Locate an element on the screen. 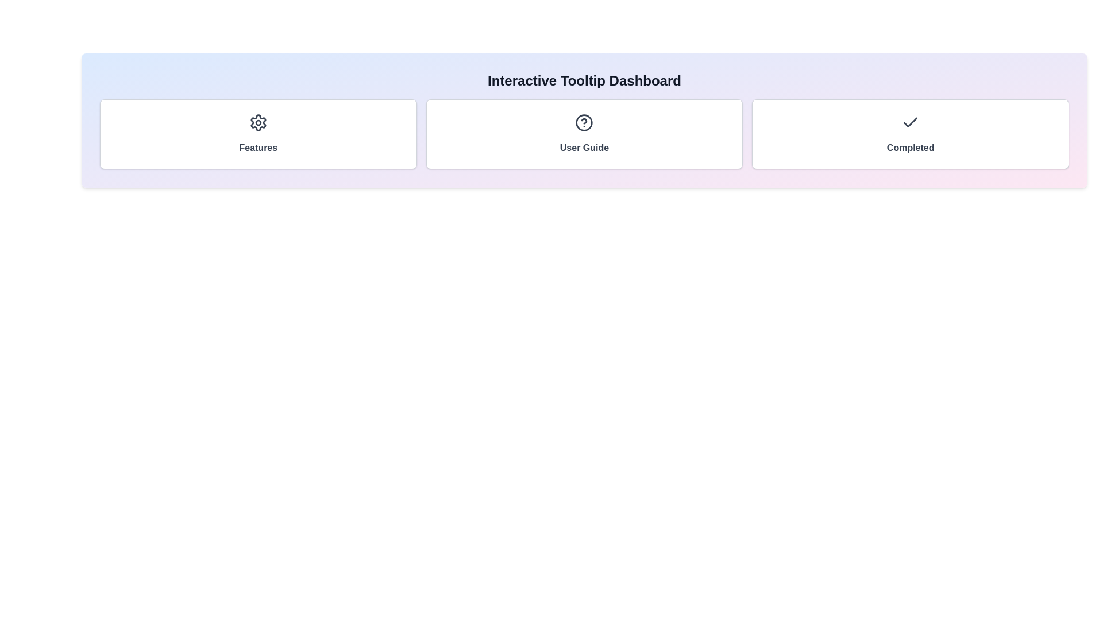  the second clickable card in the horizontally aligned group is located at coordinates (584, 134).